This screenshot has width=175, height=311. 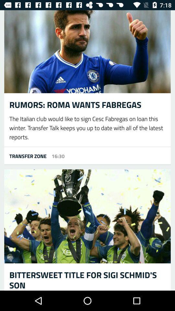 I want to click on the item next to 16:30 icon, so click(x=25, y=155).